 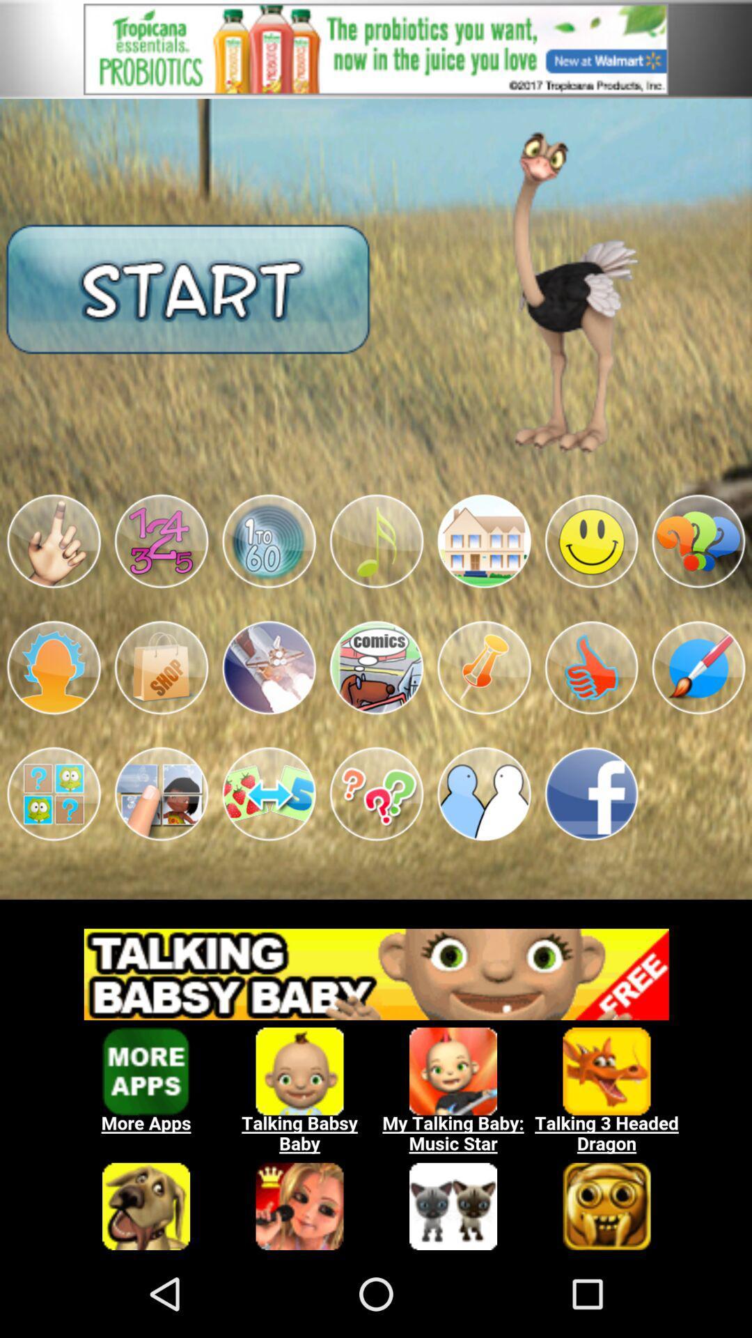 I want to click on for image, so click(x=160, y=541).